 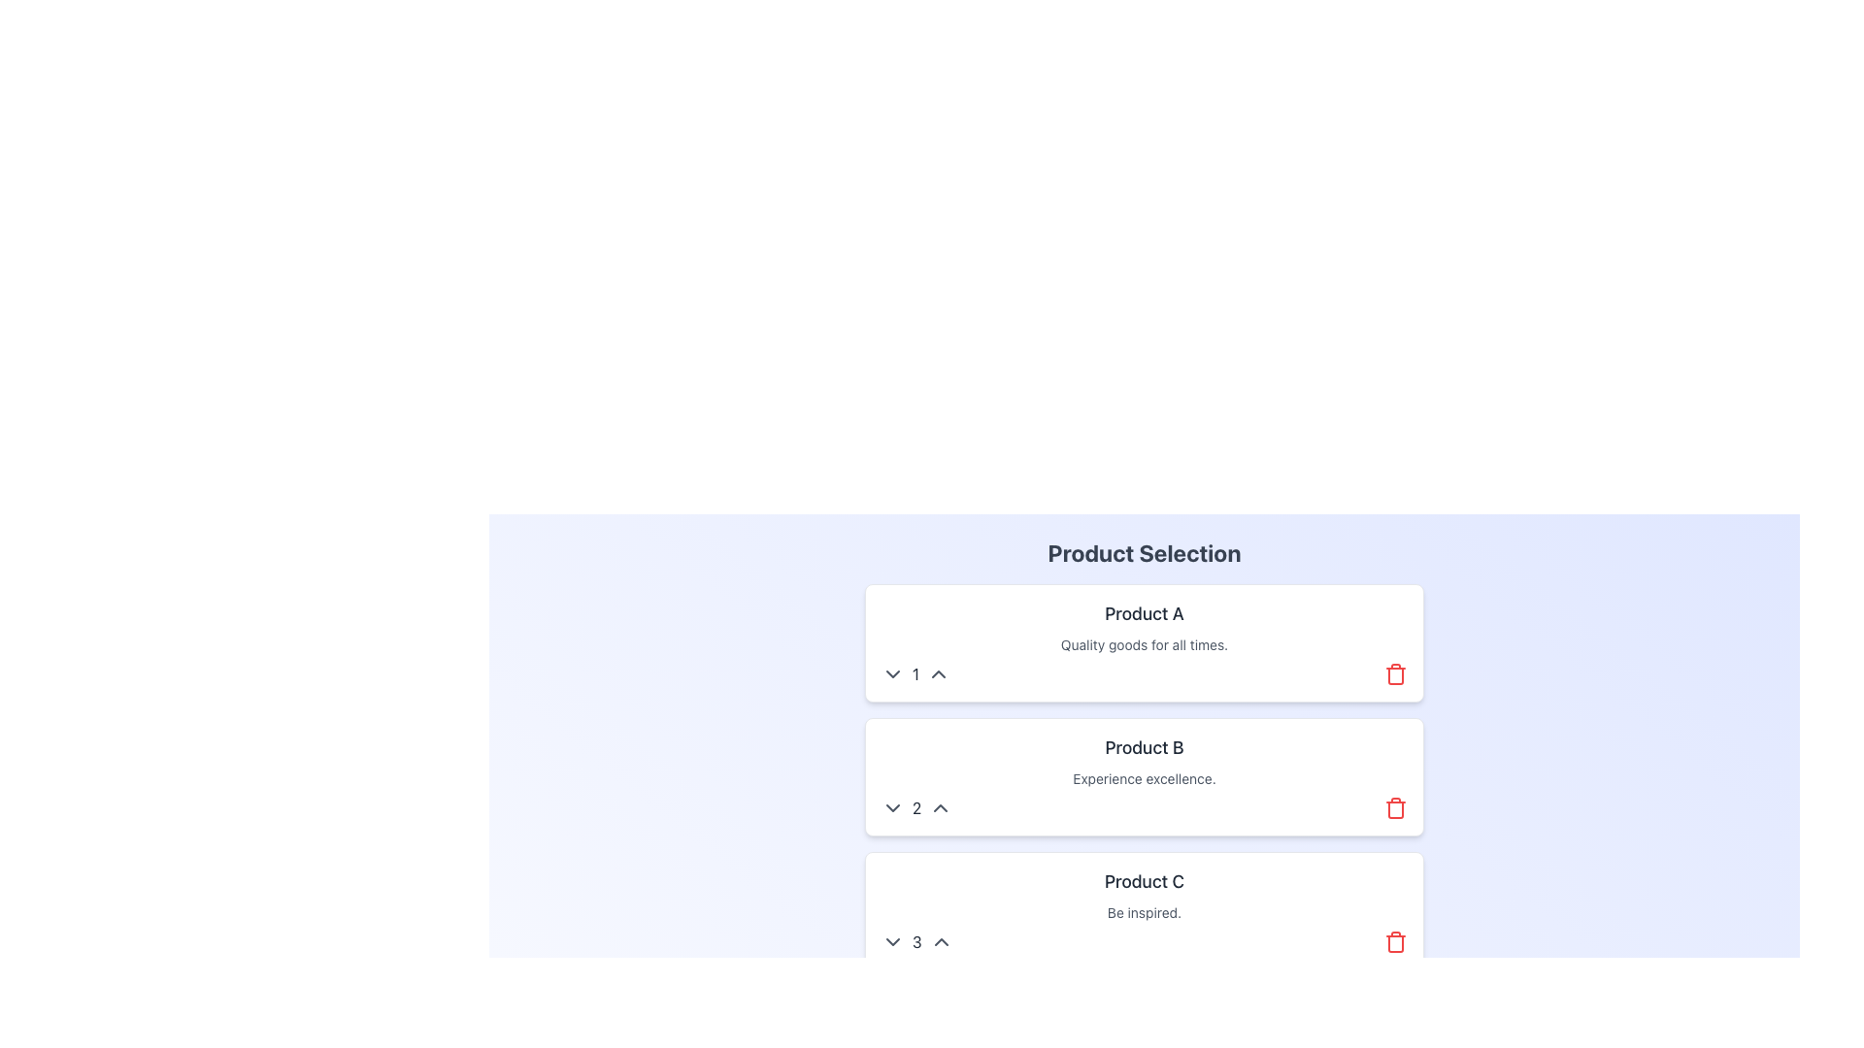 I want to click on the upward-pointing triangular button with a dark gray outline located at the bottom of the 'Product A' card to increase the value or priority, so click(x=938, y=672).